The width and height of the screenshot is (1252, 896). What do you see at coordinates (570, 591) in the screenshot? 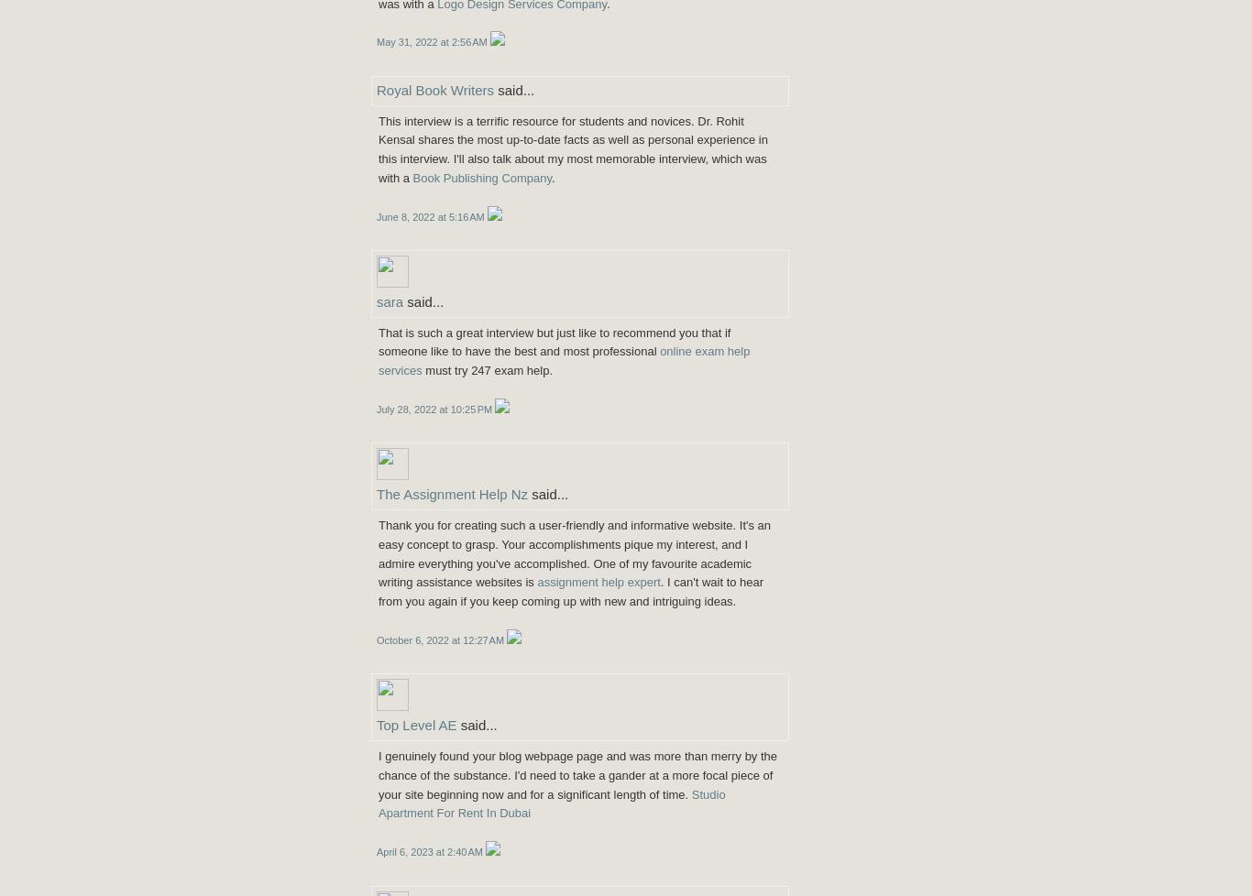
I see `'. I can't wait to hear from you again if you keep coming up with new and intriguing ideas.'` at bounding box center [570, 591].